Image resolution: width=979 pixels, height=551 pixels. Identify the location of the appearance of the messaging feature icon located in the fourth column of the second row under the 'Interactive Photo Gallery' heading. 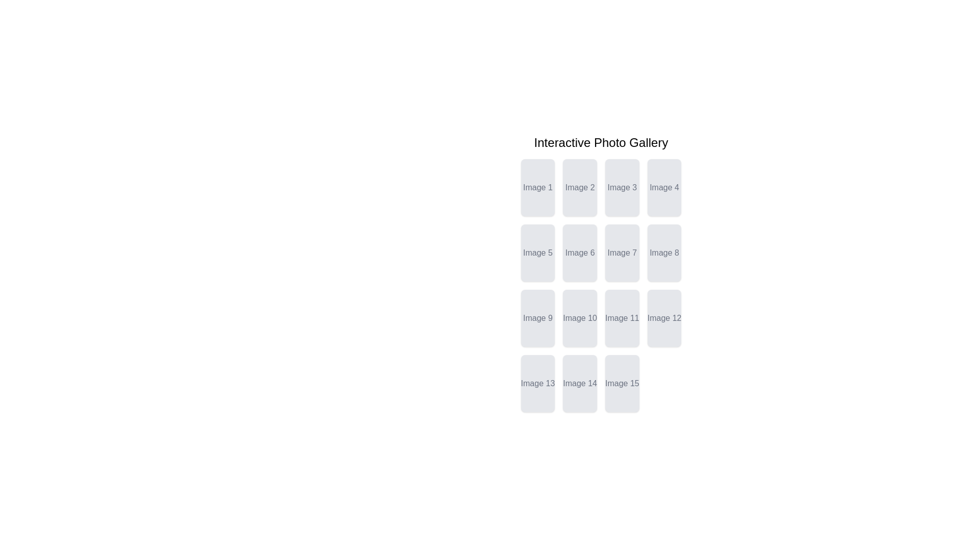
(650, 271).